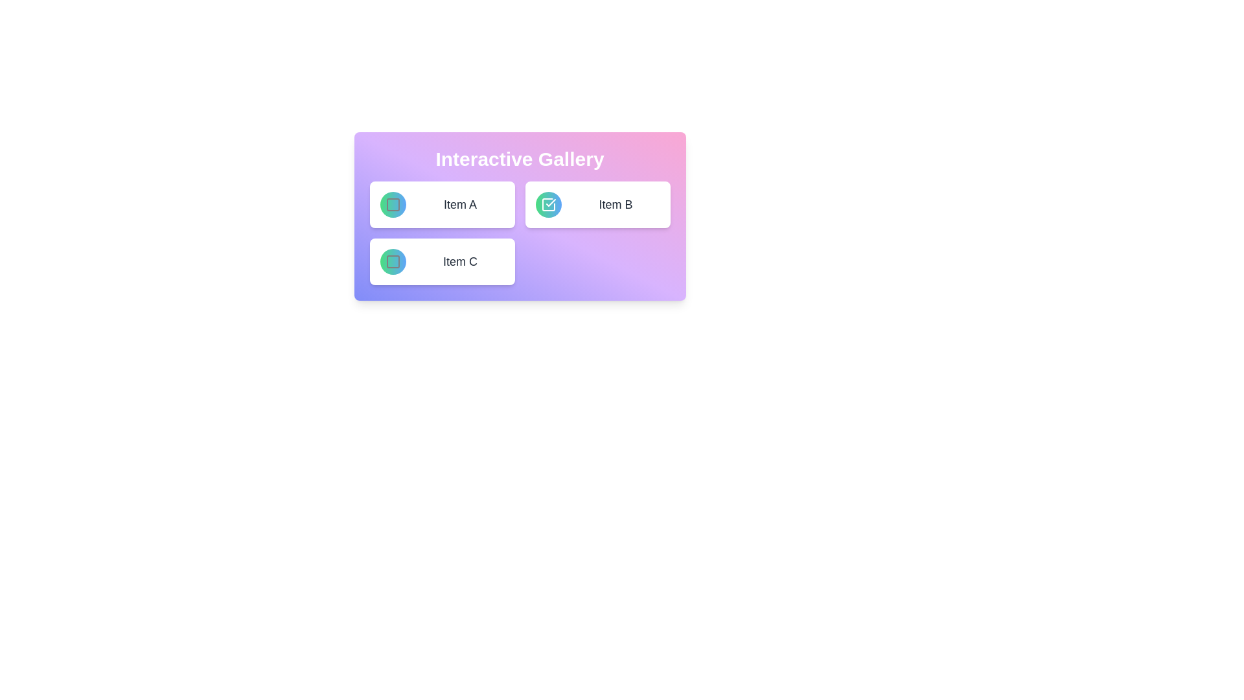 This screenshot has width=1244, height=700. What do you see at coordinates (392, 204) in the screenshot?
I see `the first icon in the top-left corner of the 2x2 grid layout, which symbolizes an action or indicates 'Item A'` at bounding box center [392, 204].